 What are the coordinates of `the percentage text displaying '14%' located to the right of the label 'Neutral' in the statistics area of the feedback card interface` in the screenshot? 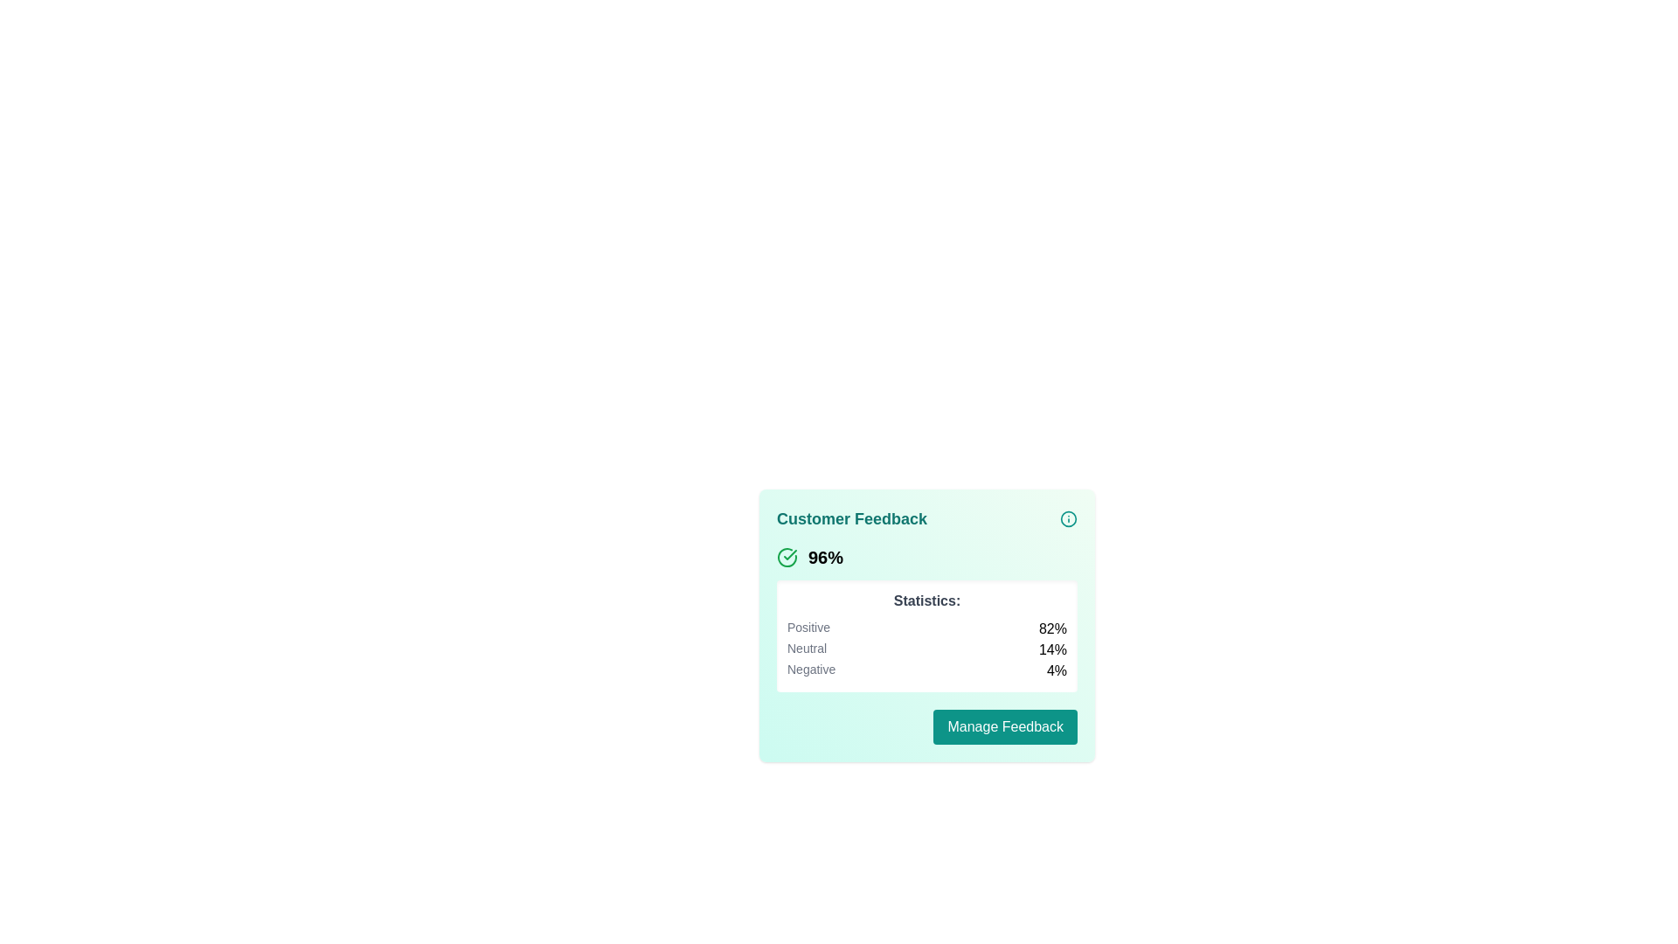 It's located at (1051, 650).